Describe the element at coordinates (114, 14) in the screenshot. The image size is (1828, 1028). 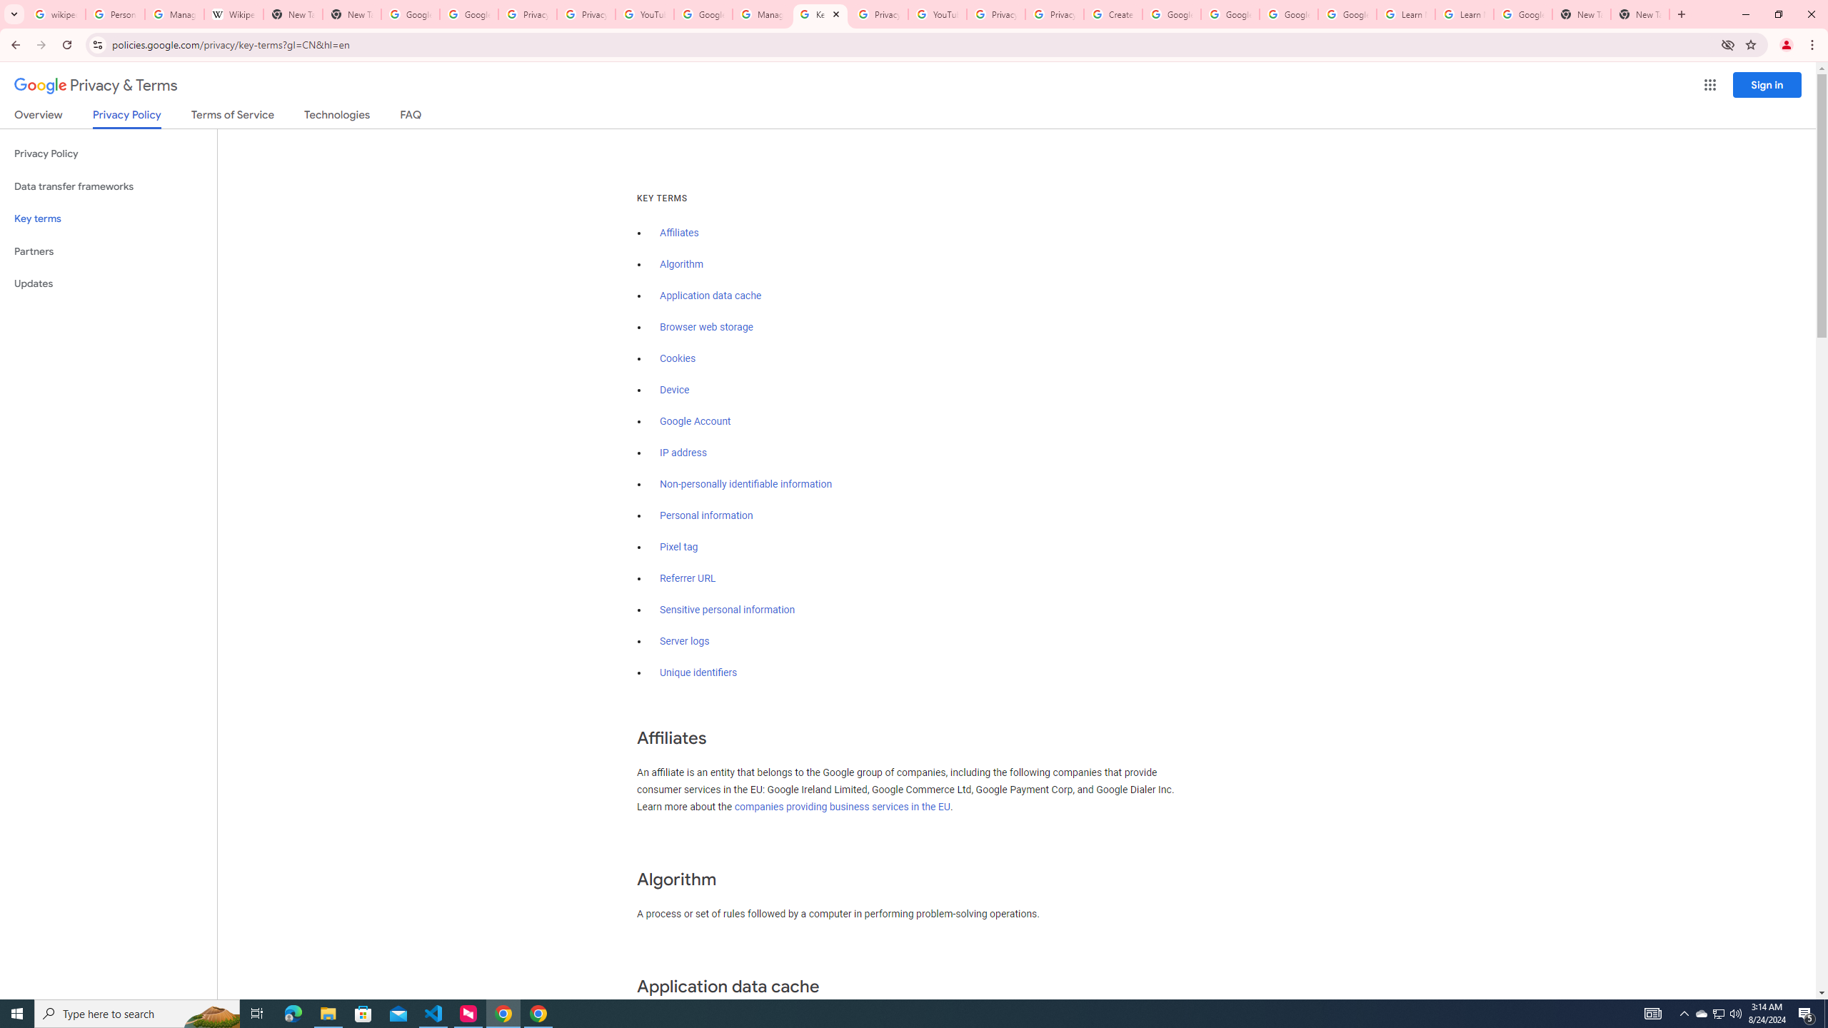
I see `'Personalization & Google Search results - Google Search Help'` at that location.